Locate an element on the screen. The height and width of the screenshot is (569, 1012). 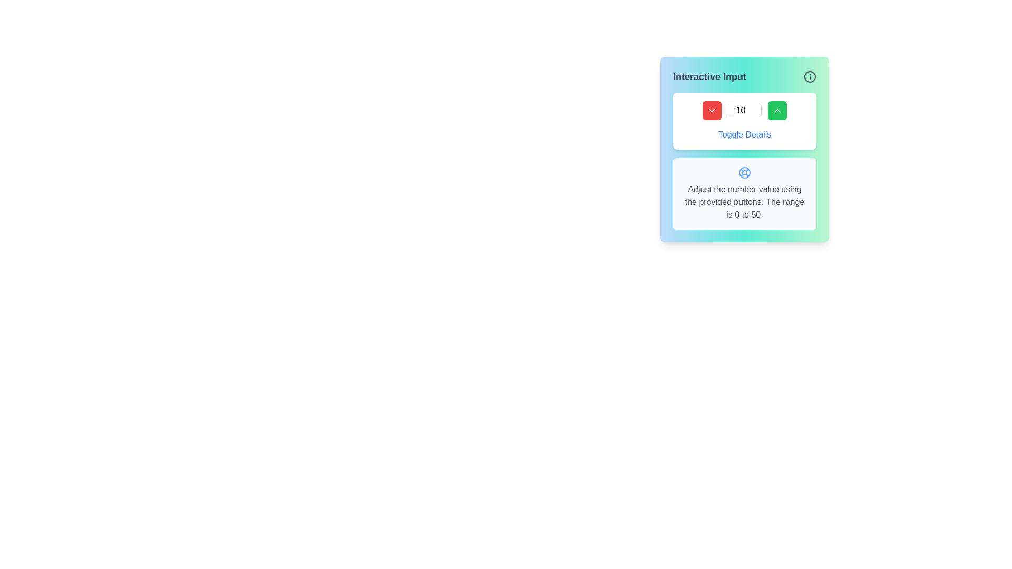
the upward chevron icon located in the top-right corner of the panel is located at coordinates (777, 110).